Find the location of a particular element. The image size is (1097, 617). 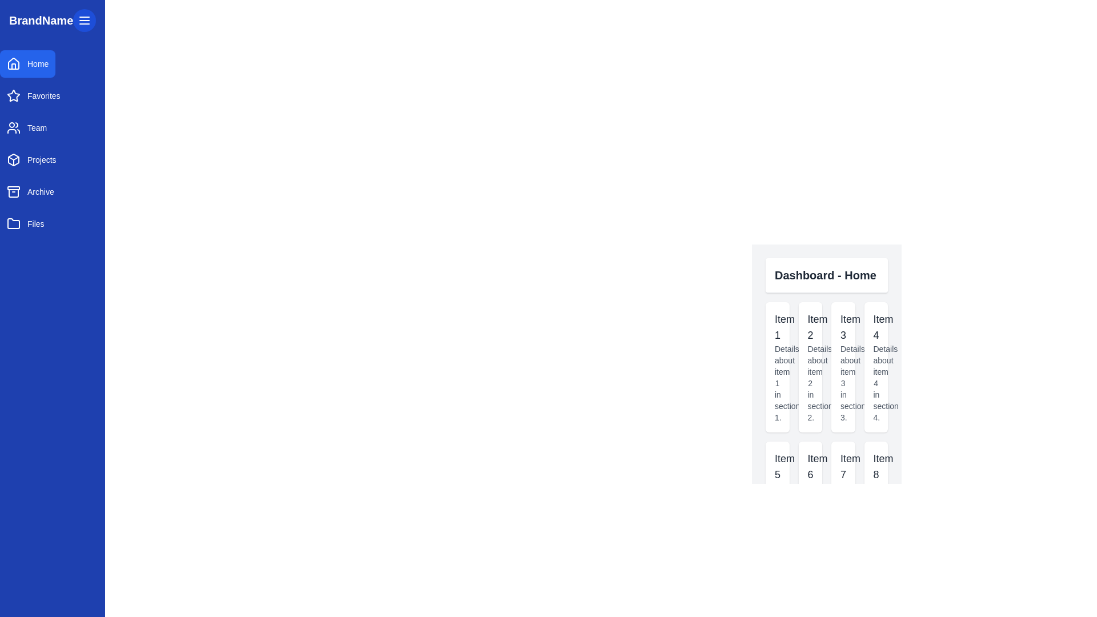

the text label for the second item in the grid under the 'Dashboard - Home' section, which serves as its title is located at coordinates (810, 327).